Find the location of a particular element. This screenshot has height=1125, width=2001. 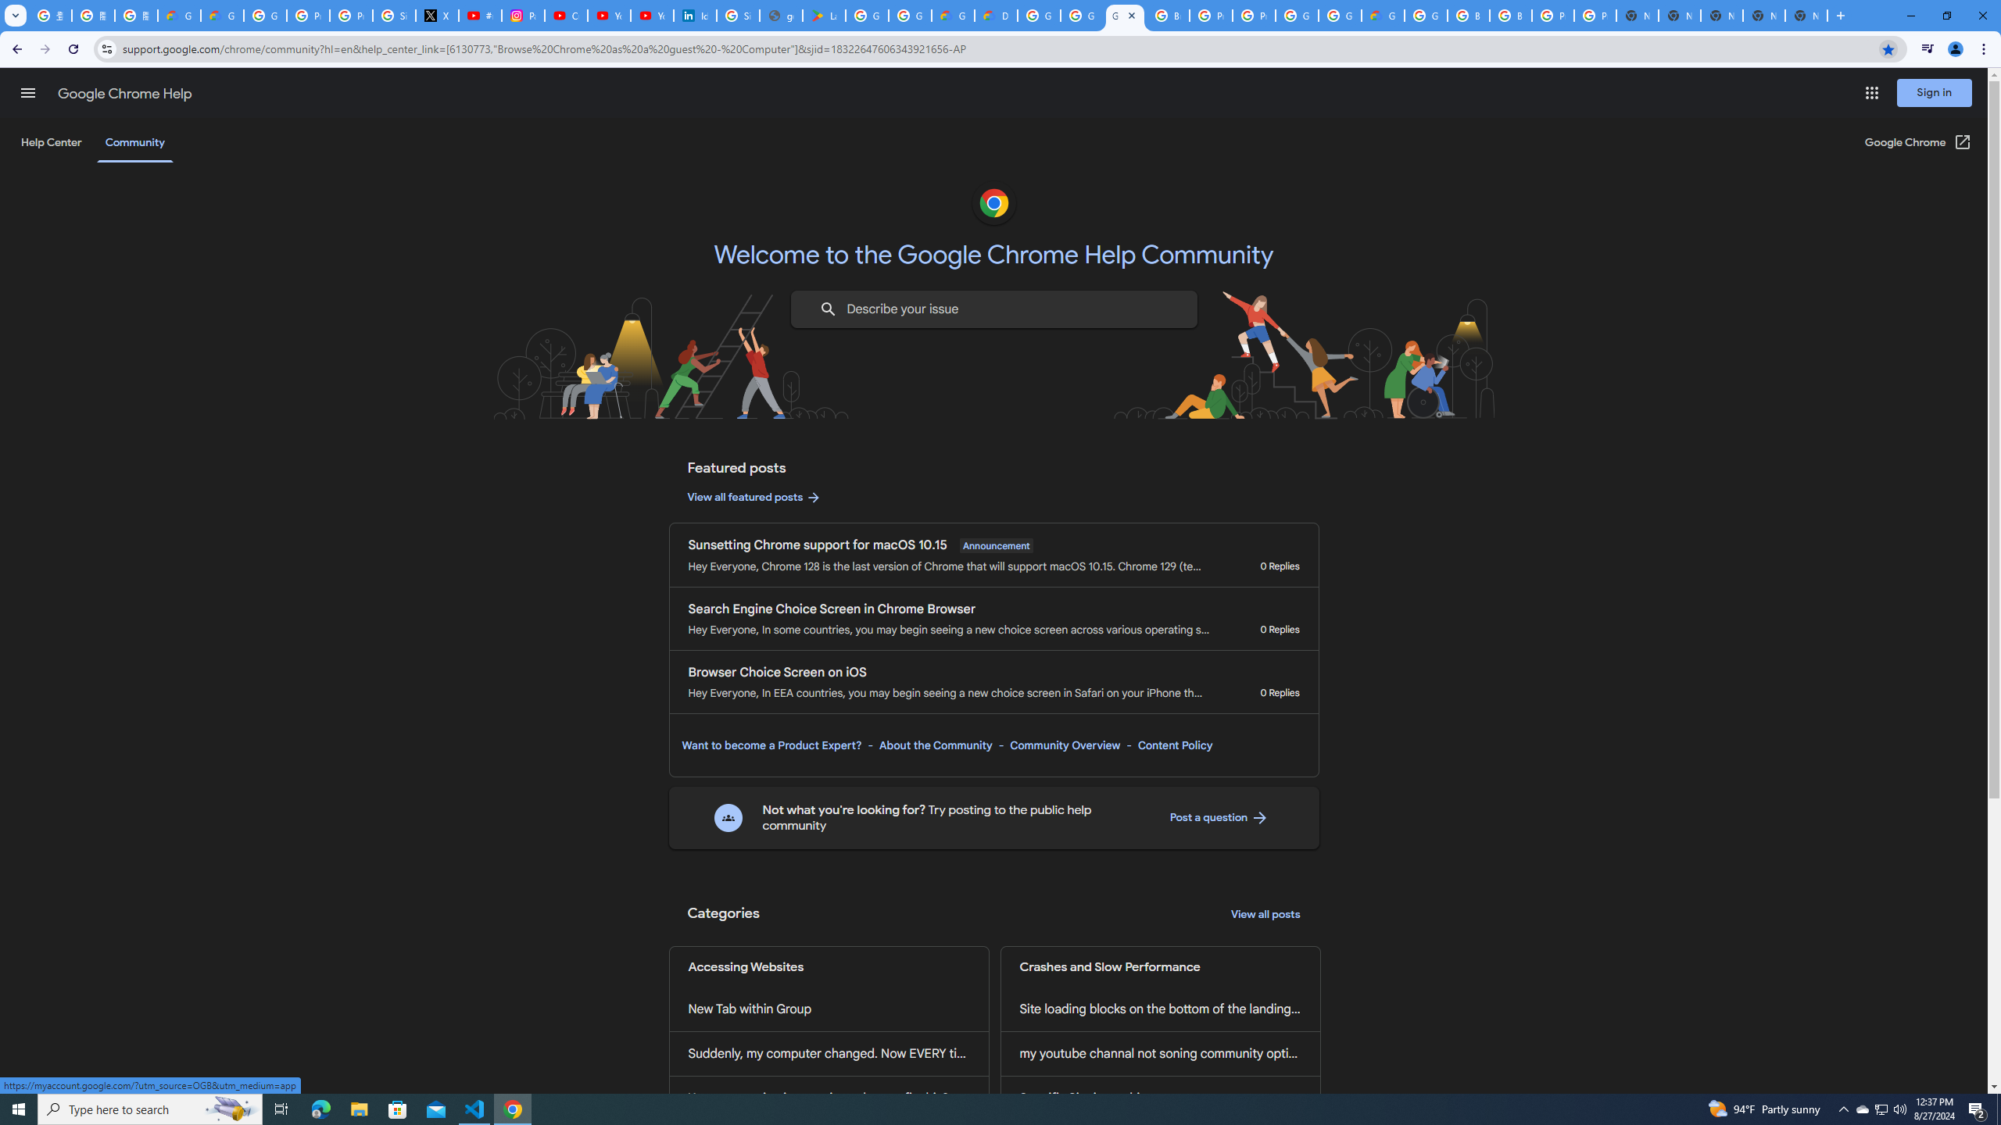

'View all posts' is located at coordinates (1265, 915).